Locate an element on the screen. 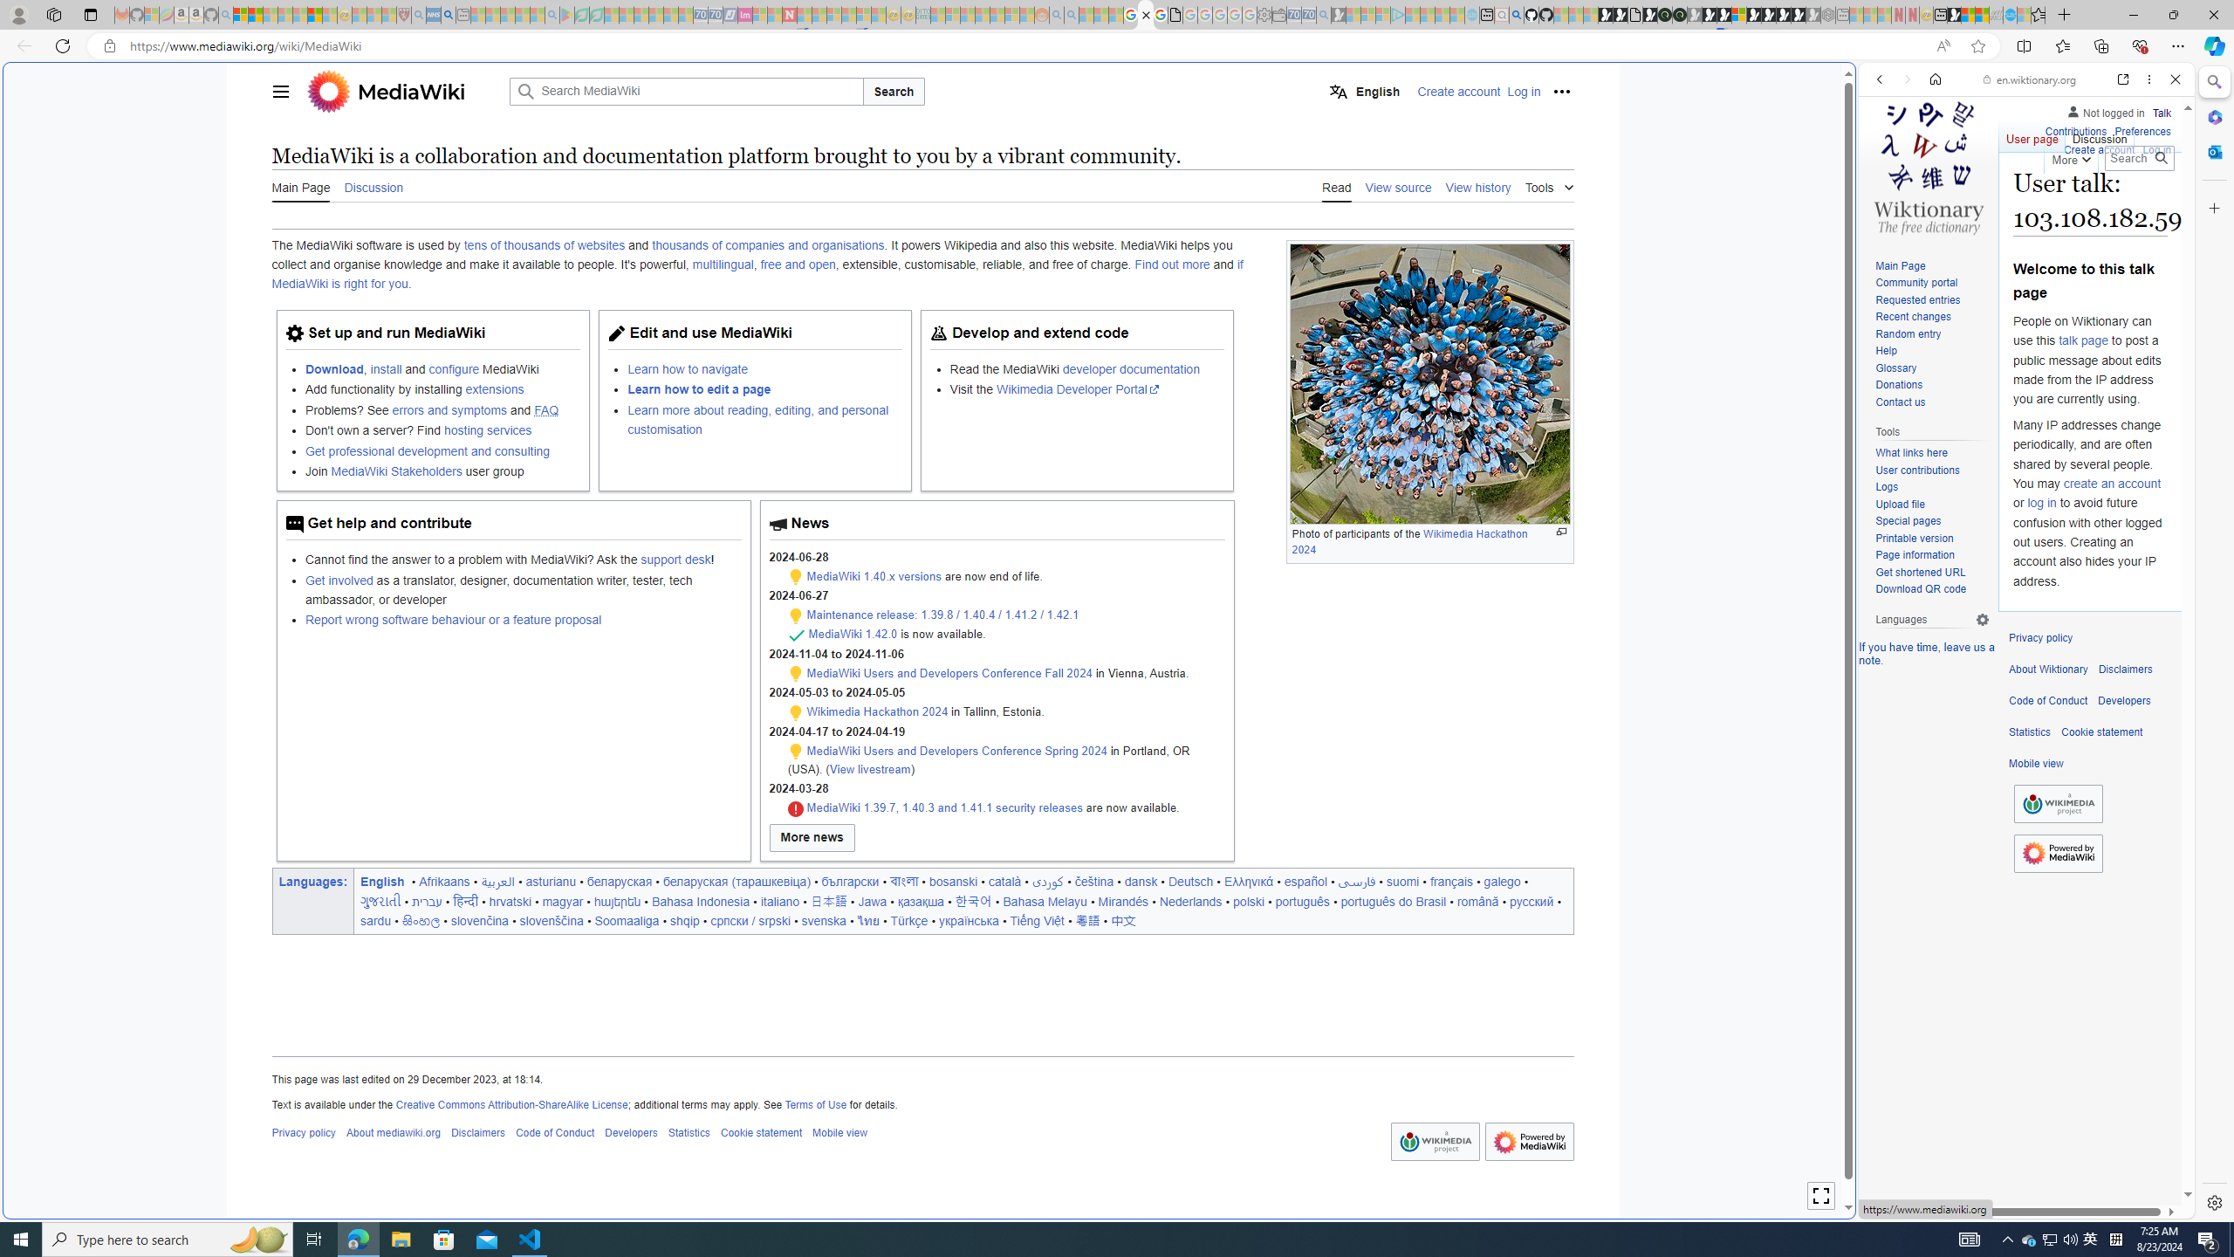 The height and width of the screenshot is (1257, 2234). 'Add functionality by installing extensions' is located at coordinates (441, 388).